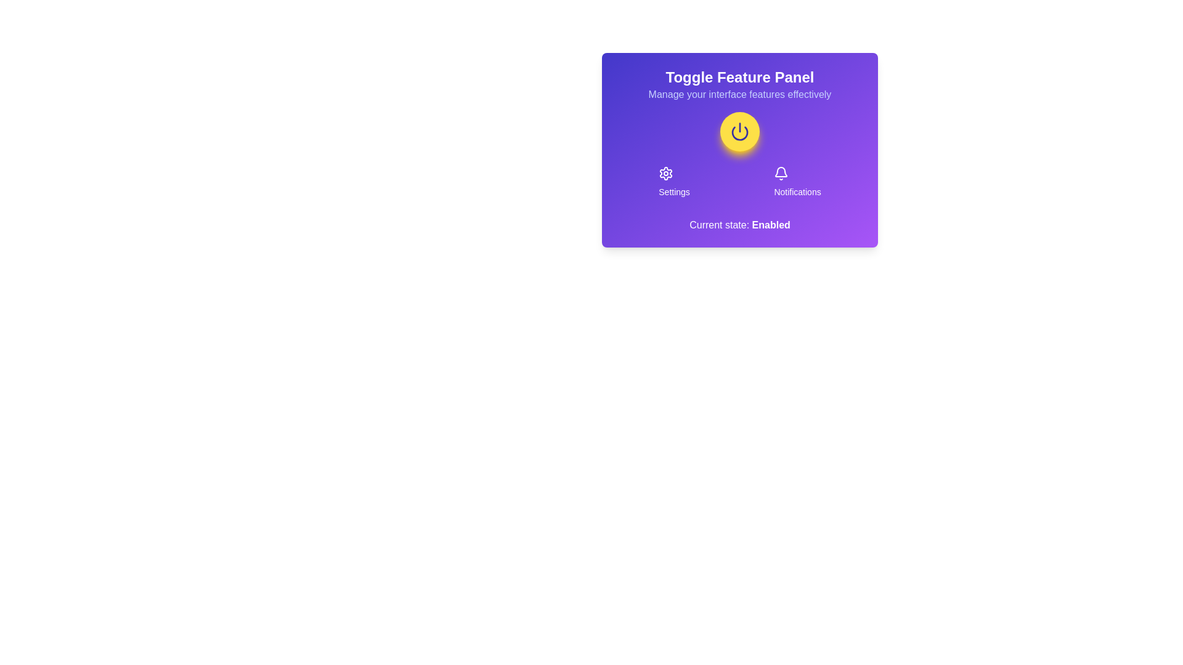 The width and height of the screenshot is (1183, 665). Describe the element at coordinates (797, 192) in the screenshot. I see `the 'Notifications' text label, which is styled with white text on a purple background and positioned below the bell icon` at that location.